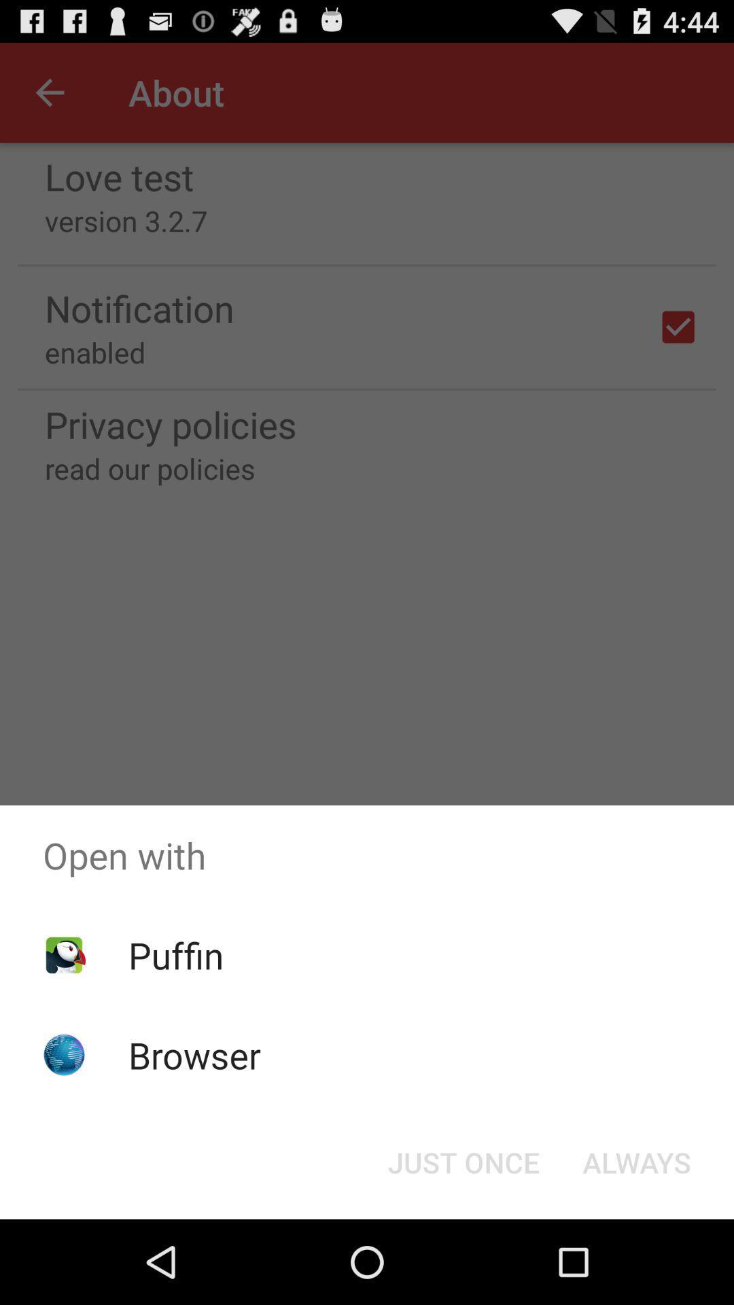  I want to click on the icon above browser item, so click(175, 954).